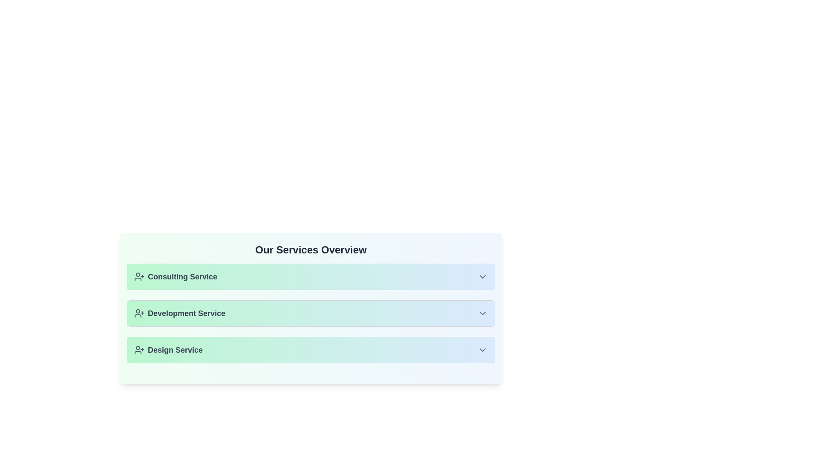 Image resolution: width=818 pixels, height=460 pixels. Describe the element at coordinates (139, 277) in the screenshot. I see `the user figure icon with a plus symbol, which is gray and located to the left of 'Consulting Service' in the 'Our Services Overview' list` at that location.